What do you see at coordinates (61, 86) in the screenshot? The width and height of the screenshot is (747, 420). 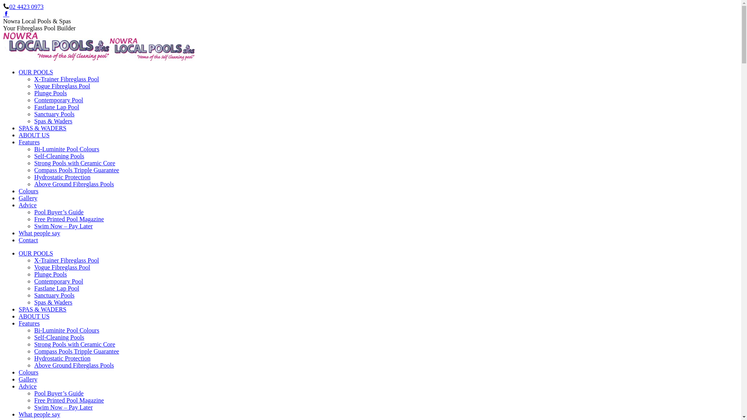 I see `'Vogue Fibreglass Pool'` at bounding box center [61, 86].